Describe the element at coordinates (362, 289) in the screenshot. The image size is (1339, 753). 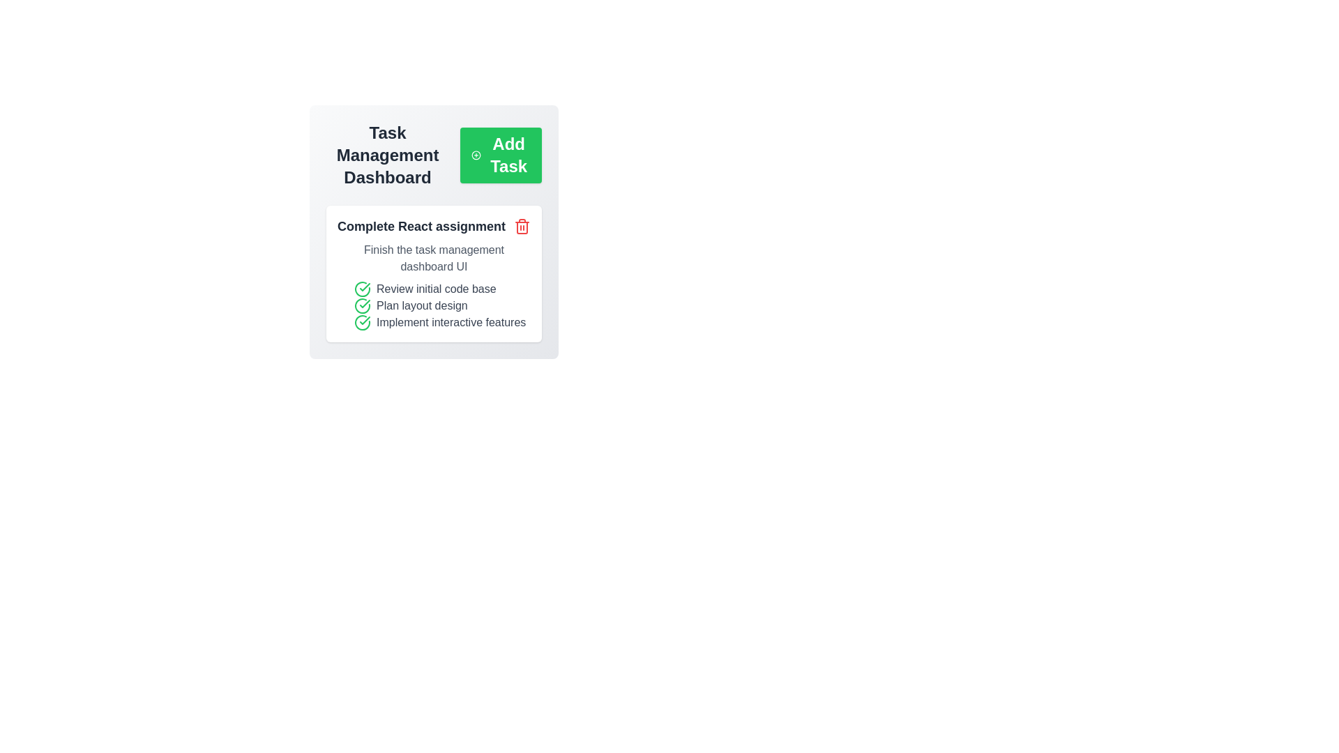
I see `the completion status icon for the task 'Review initial code base' located under 'Complete React assignment.'` at that location.